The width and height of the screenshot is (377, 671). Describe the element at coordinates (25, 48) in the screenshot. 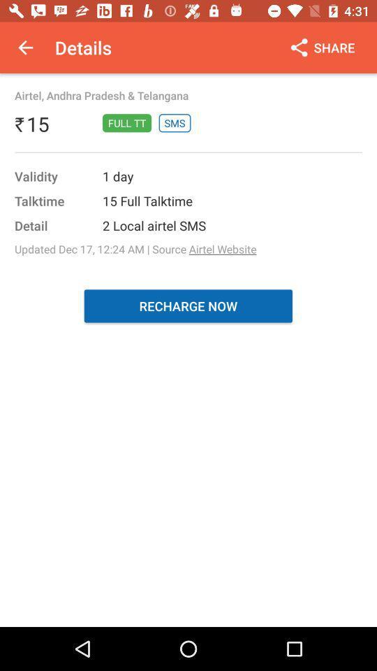

I see `app to the left of the details icon` at that location.